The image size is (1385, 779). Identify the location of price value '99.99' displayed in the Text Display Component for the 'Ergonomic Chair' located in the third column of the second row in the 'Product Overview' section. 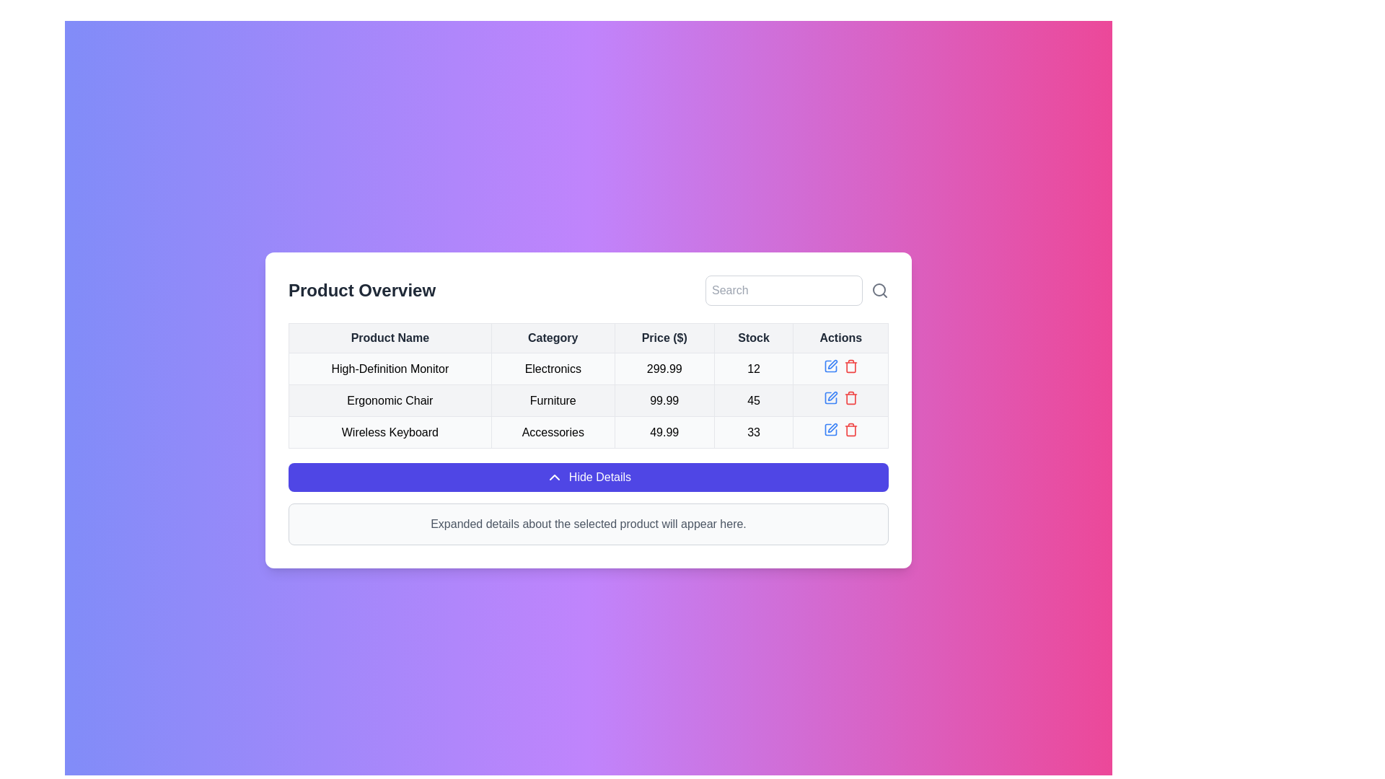
(664, 400).